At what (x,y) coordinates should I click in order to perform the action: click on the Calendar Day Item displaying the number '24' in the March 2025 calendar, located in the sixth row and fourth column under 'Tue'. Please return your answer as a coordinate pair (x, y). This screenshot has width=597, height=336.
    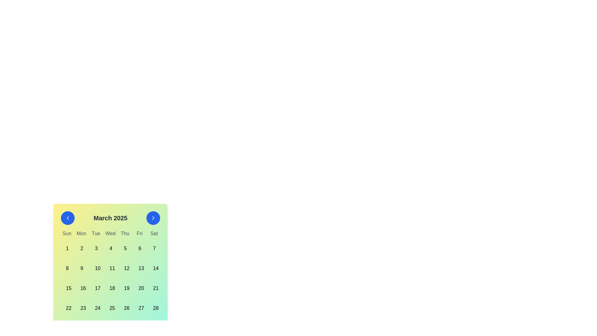
    Looking at the image, I should click on (95, 308).